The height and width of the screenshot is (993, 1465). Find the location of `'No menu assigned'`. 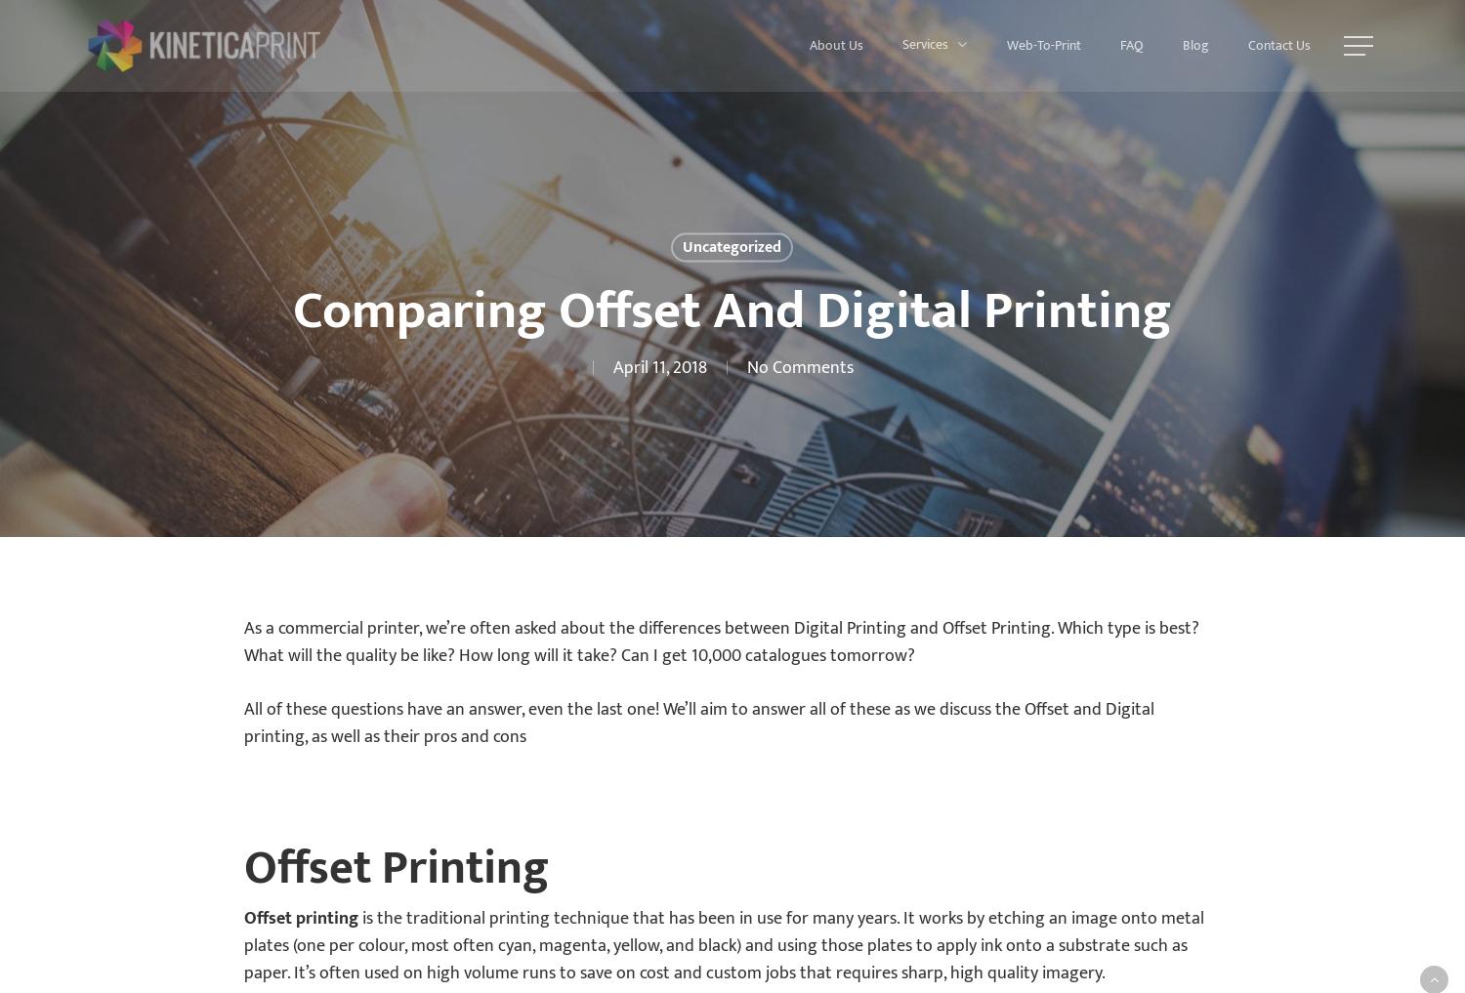

'No menu assigned' is located at coordinates (731, 44).